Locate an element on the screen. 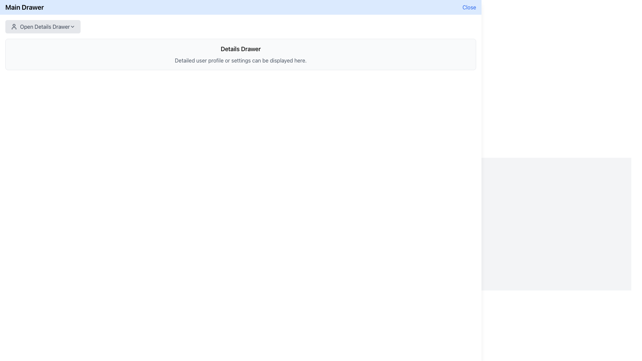 This screenshot has height=361, width=642. the 'Close' button located in the upper-right corner of the blue-shaded title bar is located at coordinates (469, 7).